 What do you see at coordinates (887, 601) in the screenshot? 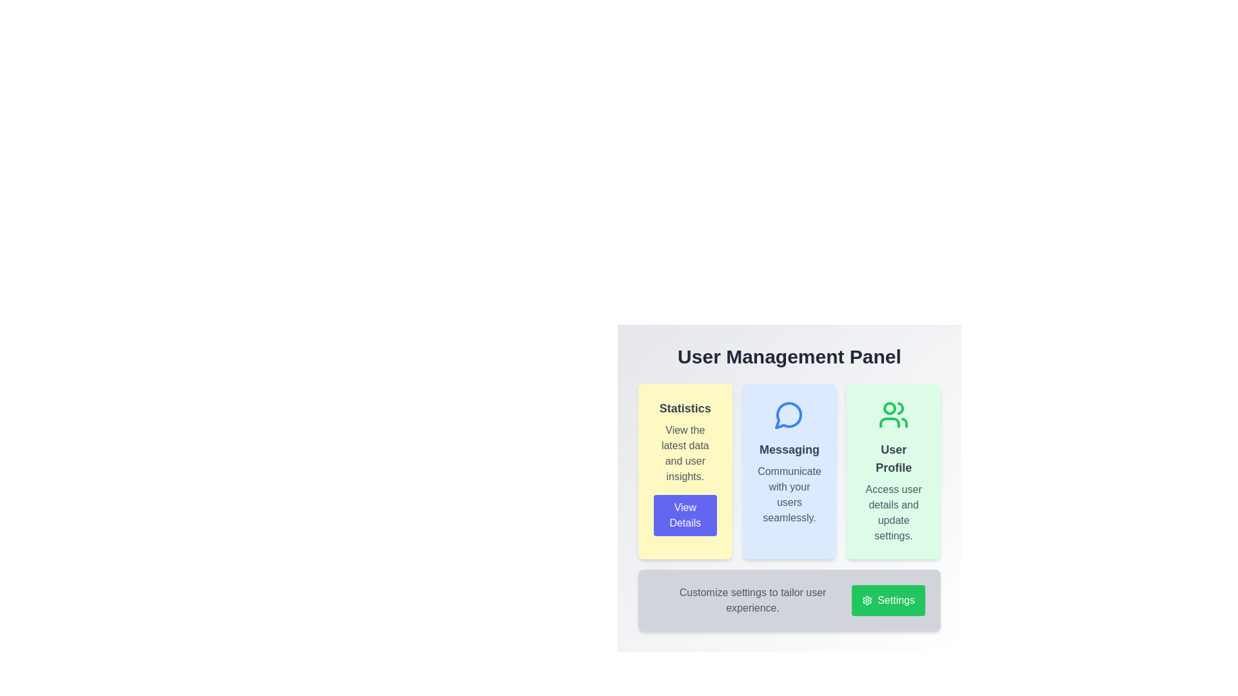
I see `the settings button located at the bottom-right corner of the User Management Panel` at bounding box center [887, 601].